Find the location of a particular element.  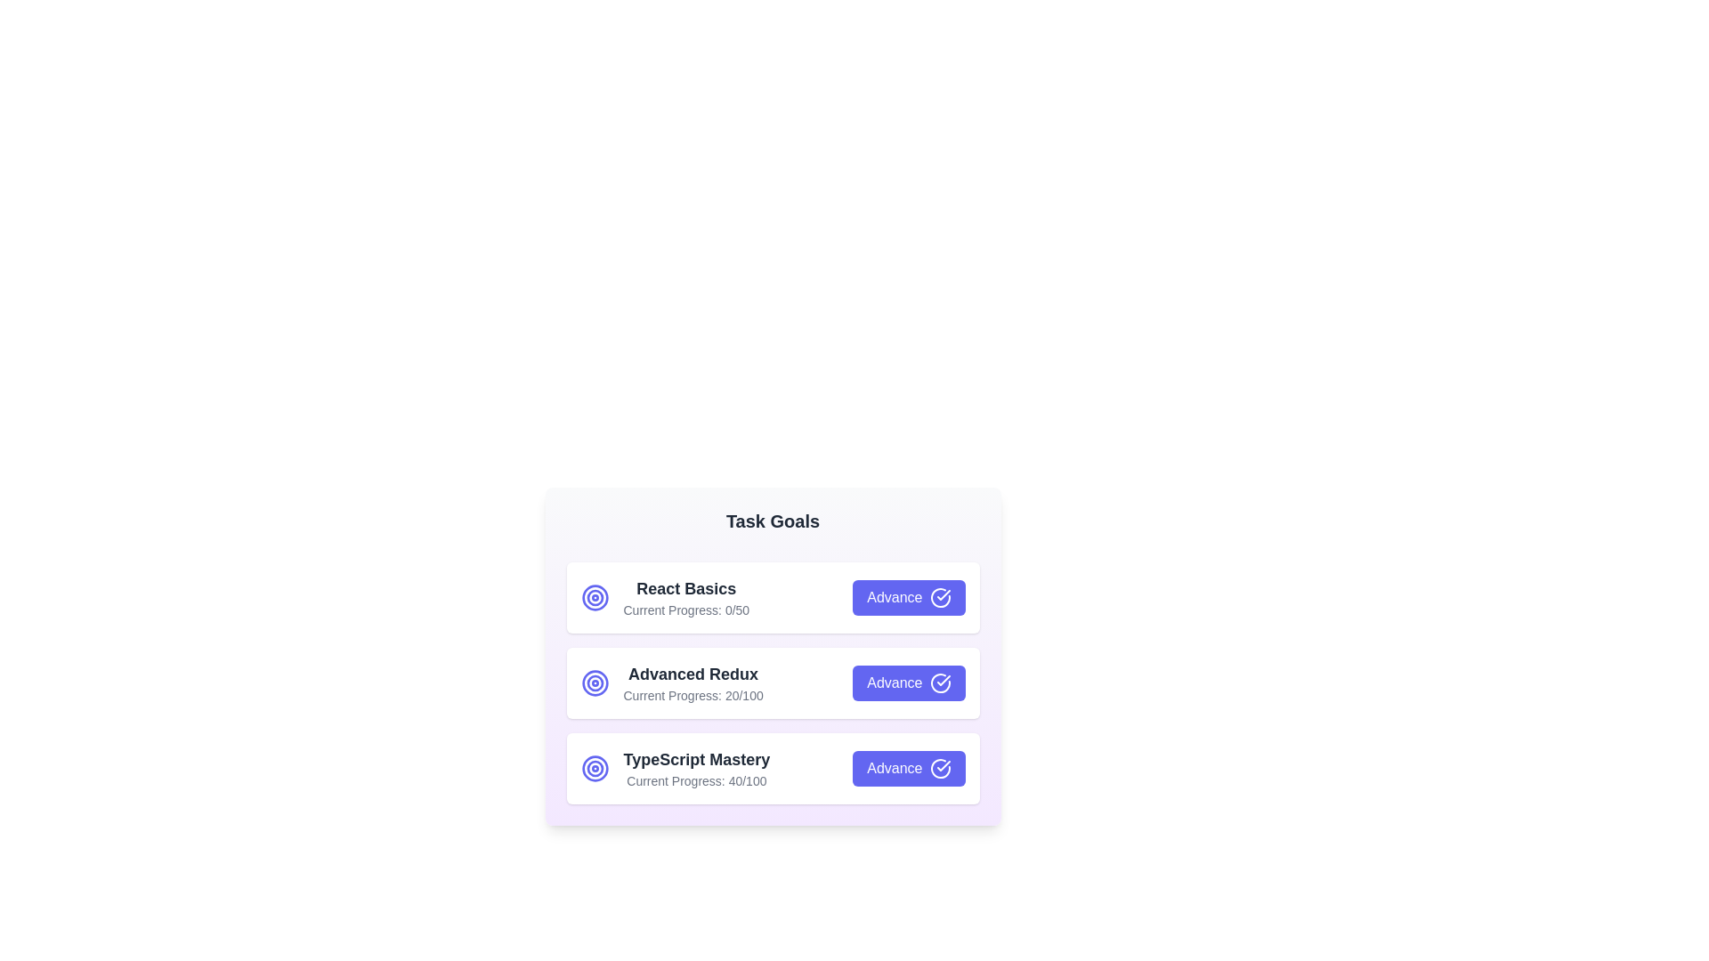

the text label displaying 'Current Progress: 0/50', which is located below the title 'React Basics' is located at coordinates (685, 610).